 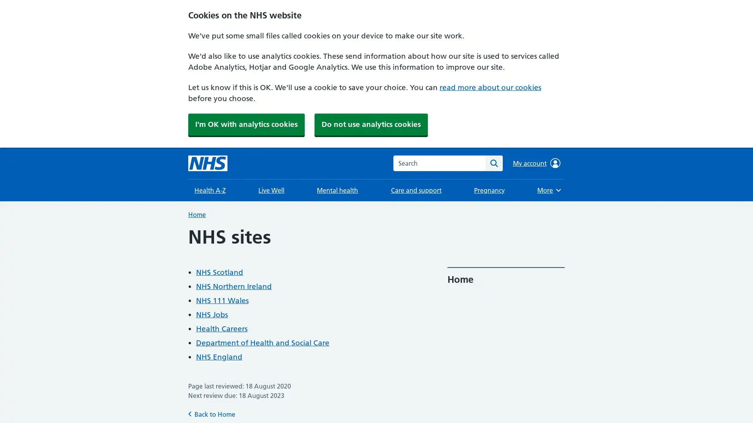 What do you see at coordinates (493, 163) in the screenshot?
I see `Search` at bounding box center [493, 163].